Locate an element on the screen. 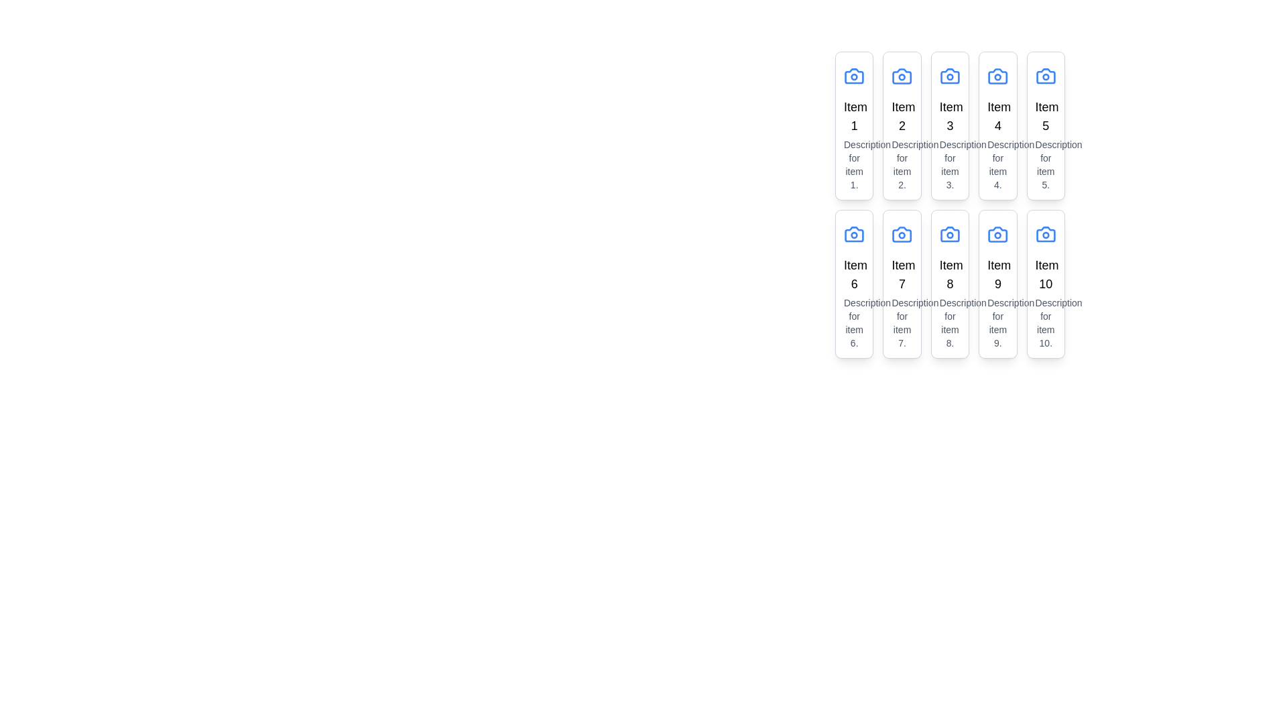 This screenshot has height=724, width=1287. the blue camera icon located at the upper-left corner of the grid layout, which is the first item in the 5x2 arrangement of camera icons is located at coordinates (853, 76).